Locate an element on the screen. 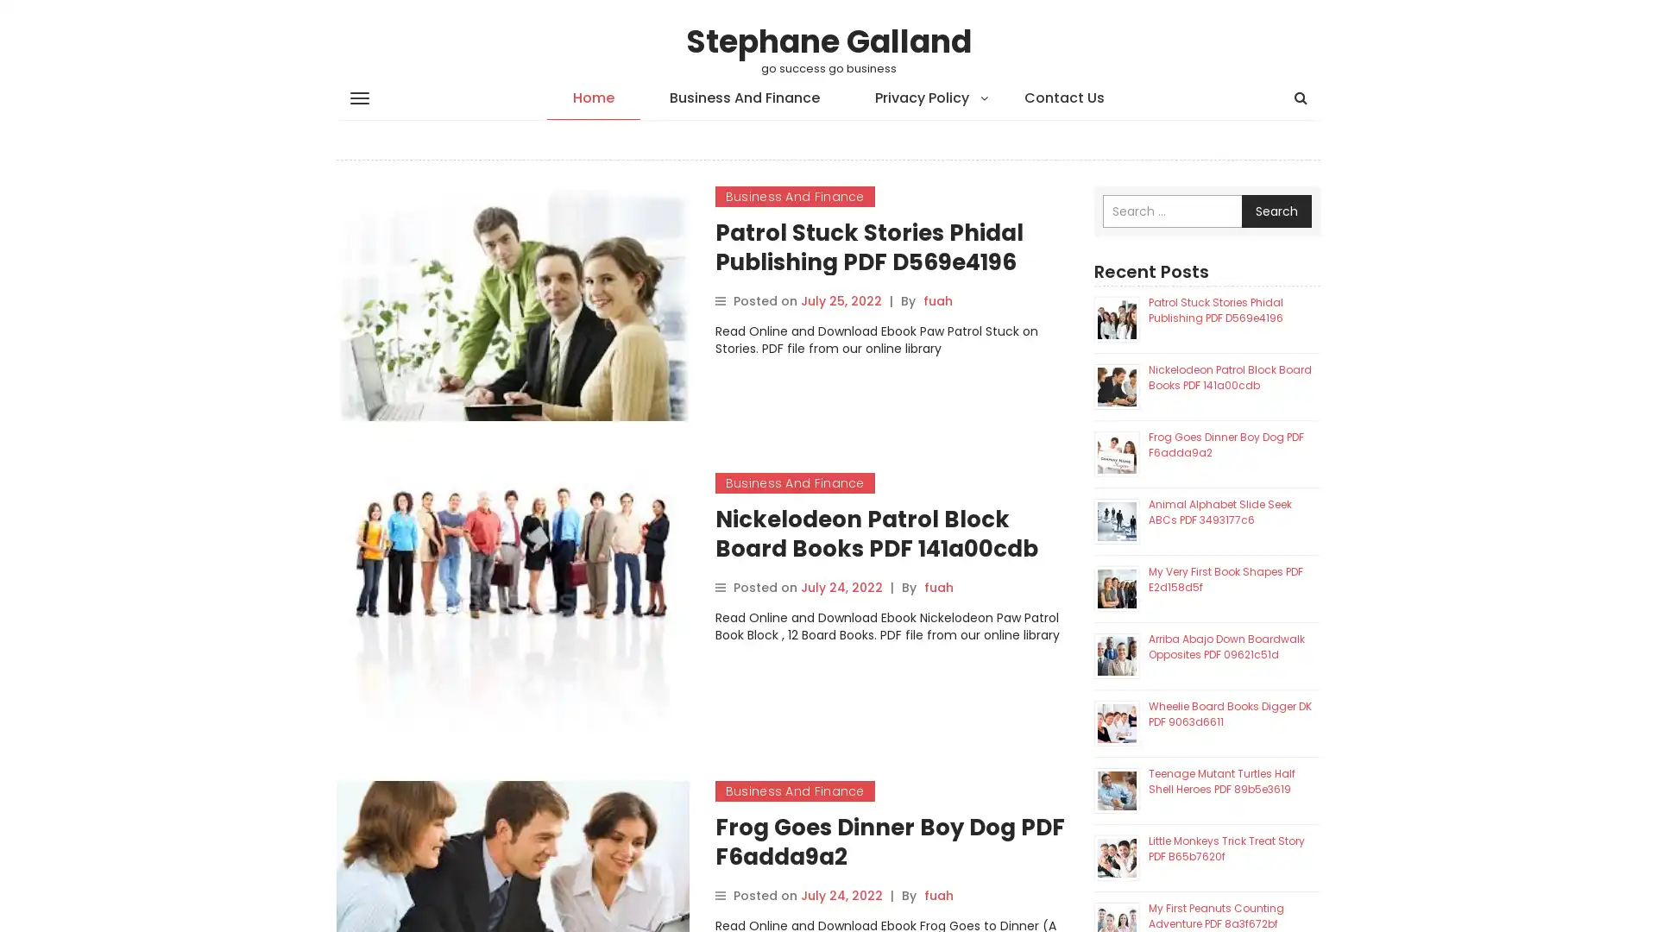 Image resolution: width=1657 pixels, height=932 pixels. Search is located at coordinates (1276, 211).